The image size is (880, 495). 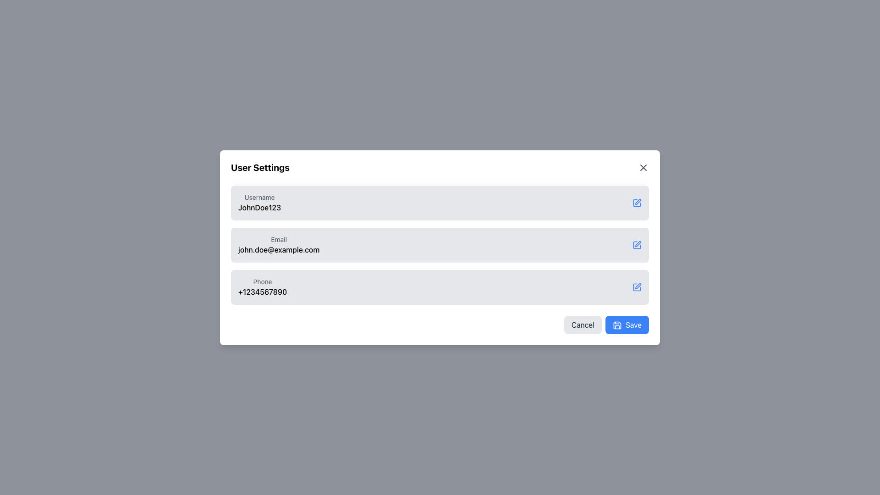 What do you see at coordinates (278, 249) in the screenshot?
I see `text content of the 'john.doe@example.com' email displayed in black font under the 'Email' section of the 'User Settings' modal` at bounding box center [278, 249].